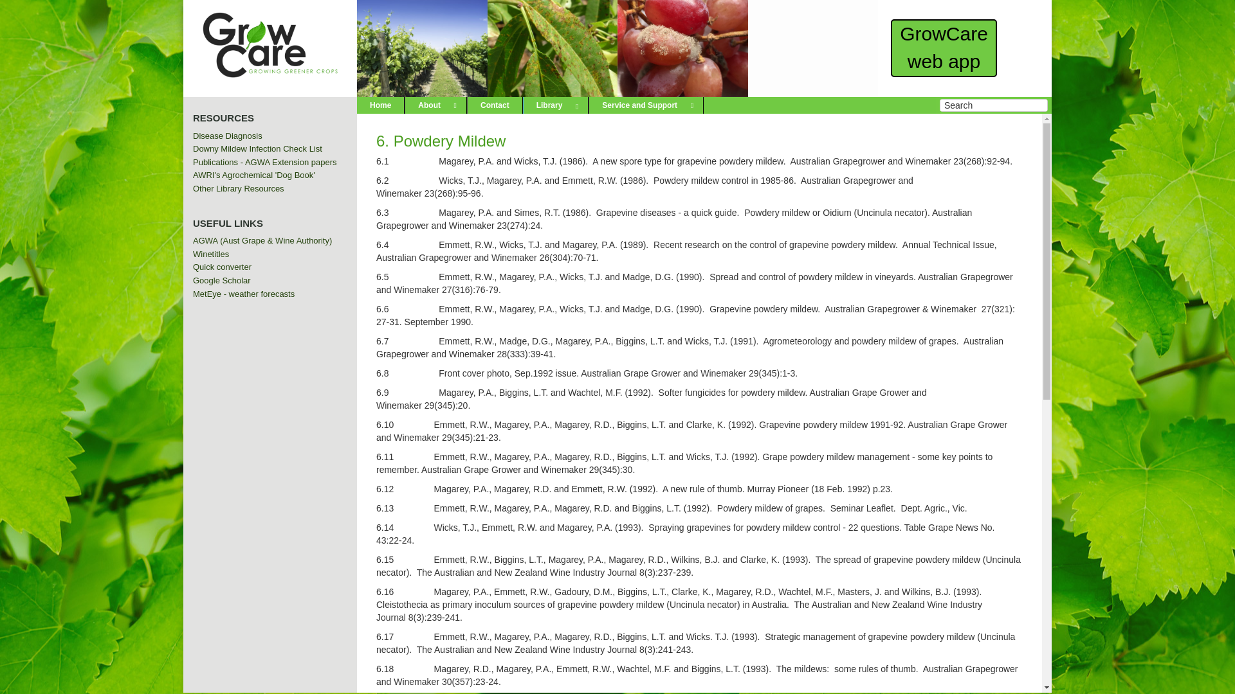 Image resolution: width=1235 pixels, height=694 pixels. I want to click on 'Other Library Resources', so click(192, 188).